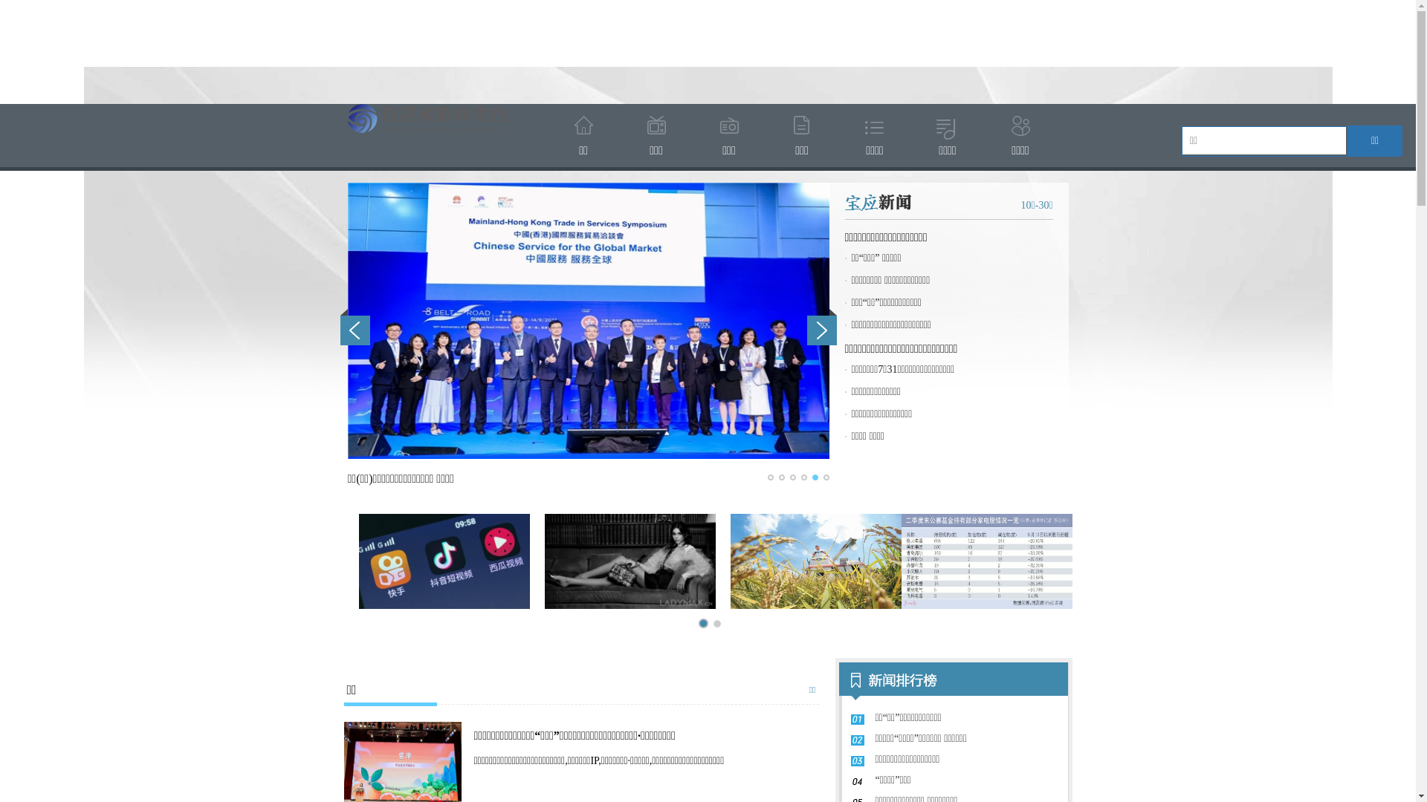 The height and width of the screenshot is (802, 1427). What do you see at coordinates (791, 477) in the screenshot?
I see `'3'` at bounding box center [791, 477].